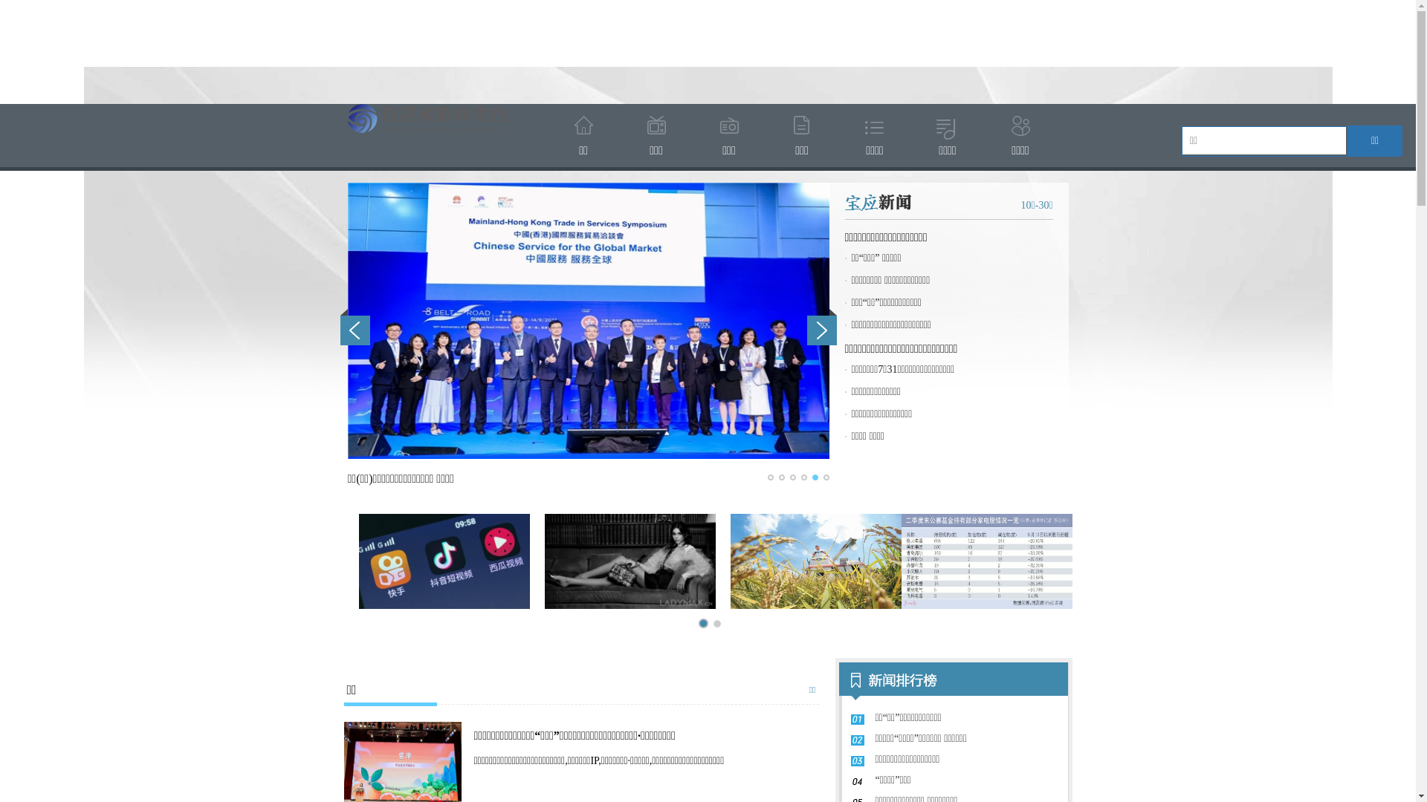 The height and width of the screenshot is (802, 1427). What do you see at coordinates (791, 477) in the screenshot?
I see `'3'` at bounding box center [791, 477].